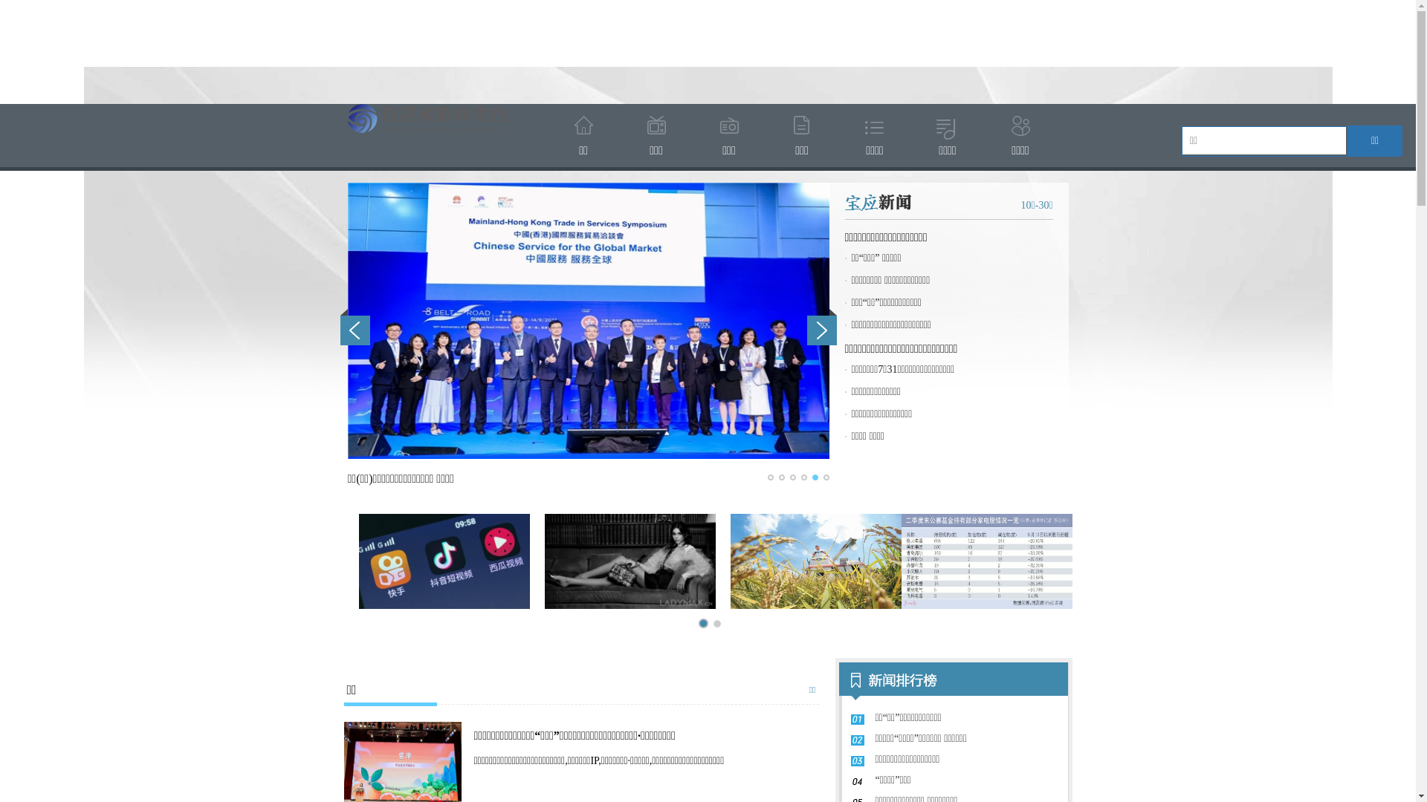 The height and width of the screenshot is (802, 1427). What do you see at coordinates (791, 477) in the screenshot?
I see `'3'` at bounding box center [791, 477].